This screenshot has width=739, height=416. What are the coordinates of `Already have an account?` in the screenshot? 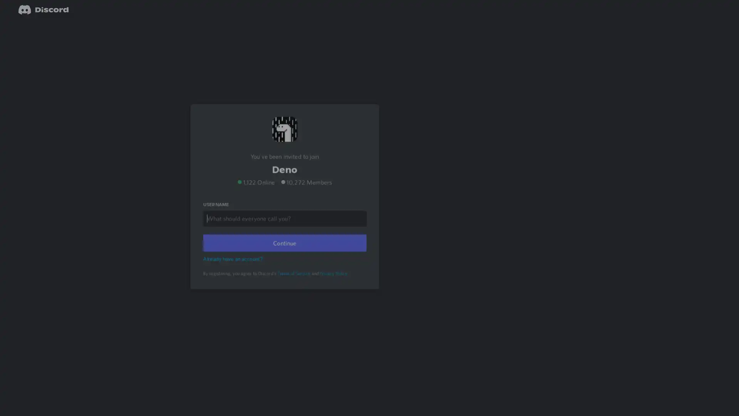 It's located at (234, 268).